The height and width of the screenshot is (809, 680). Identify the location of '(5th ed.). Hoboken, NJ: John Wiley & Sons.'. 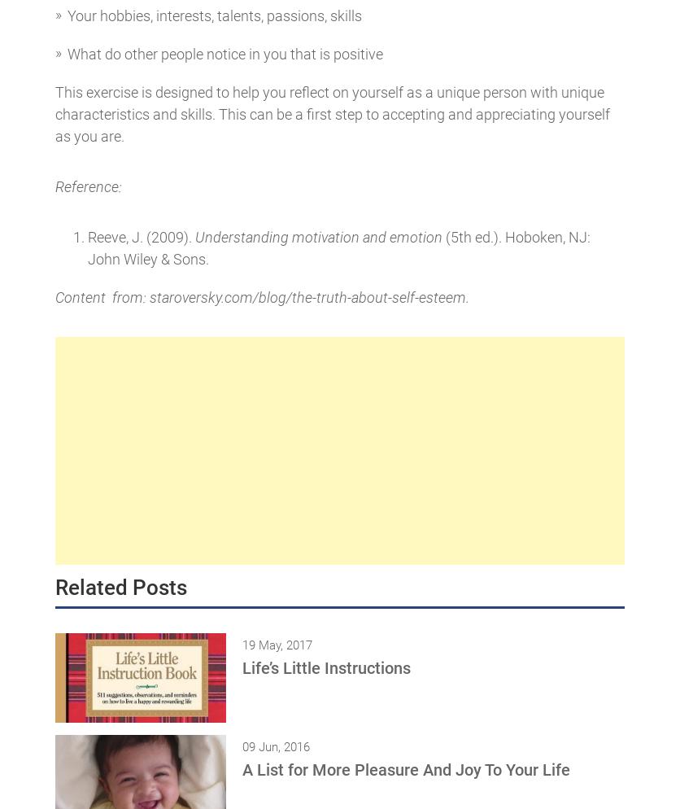
(338, 247).